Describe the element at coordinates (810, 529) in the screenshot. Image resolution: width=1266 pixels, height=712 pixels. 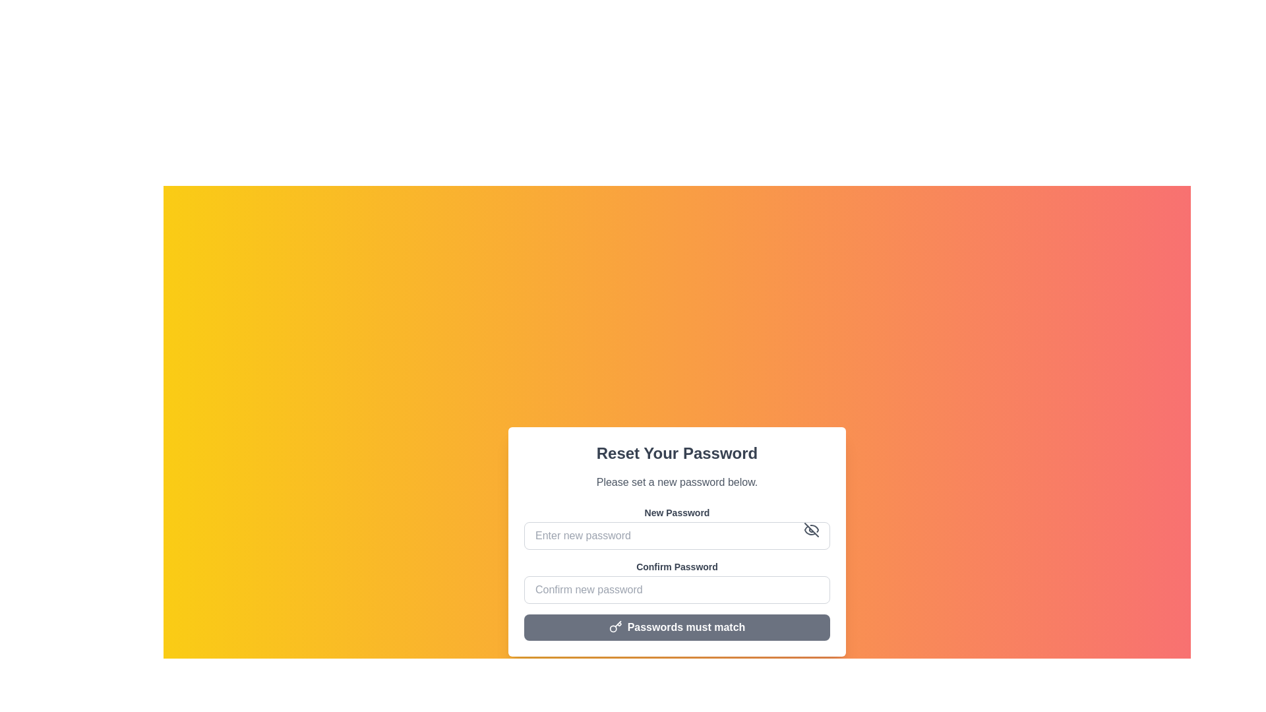
I see `the eye icon with a strike-through line located at the rightmost end of the 'New Password' input field` at that location.